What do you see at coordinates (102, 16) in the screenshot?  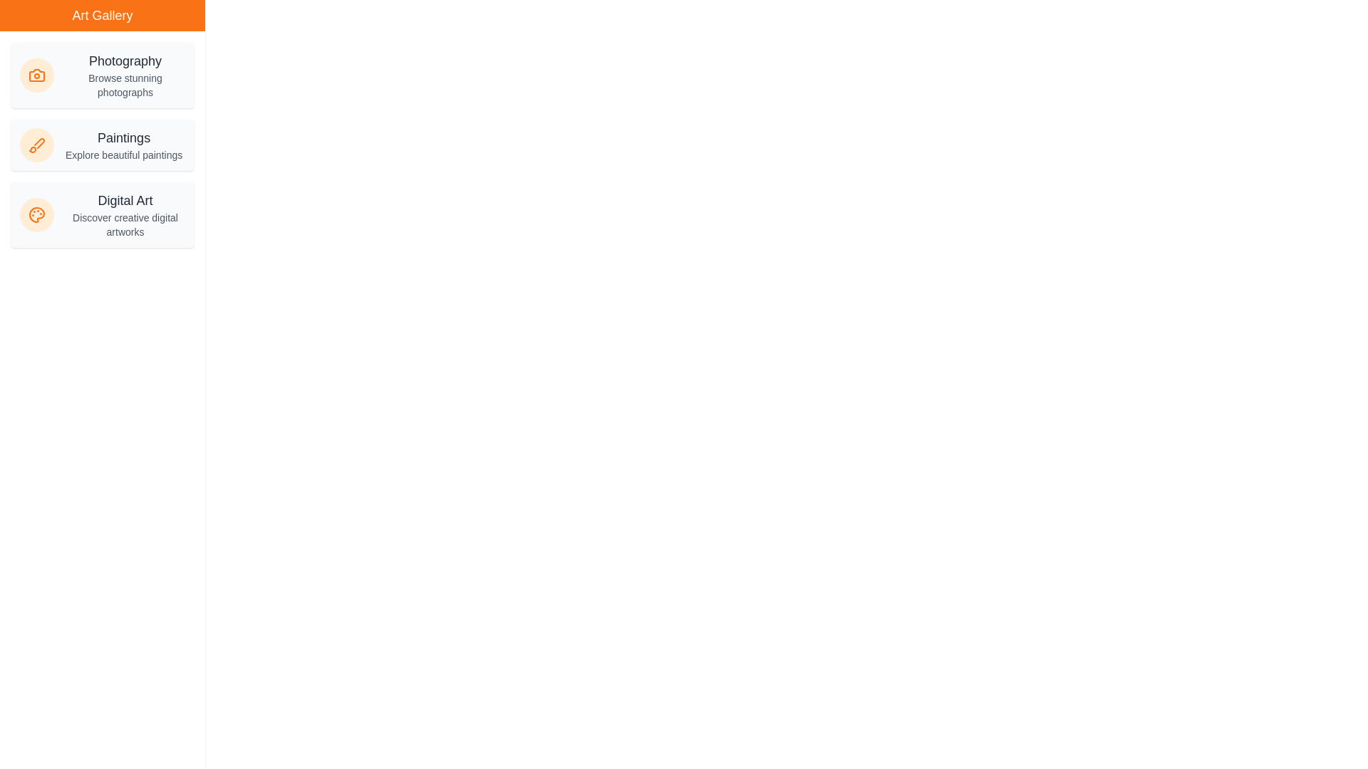 I see `the Art Gallery header to focus on it` at bounding box center [102, 16].